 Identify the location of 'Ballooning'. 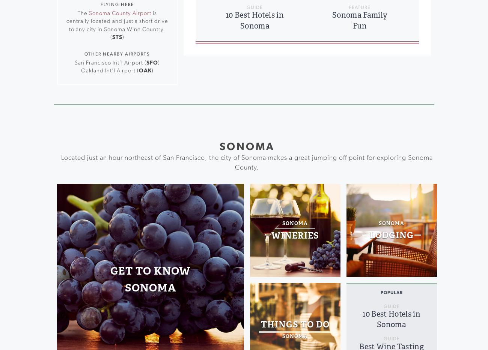
(139, 38).